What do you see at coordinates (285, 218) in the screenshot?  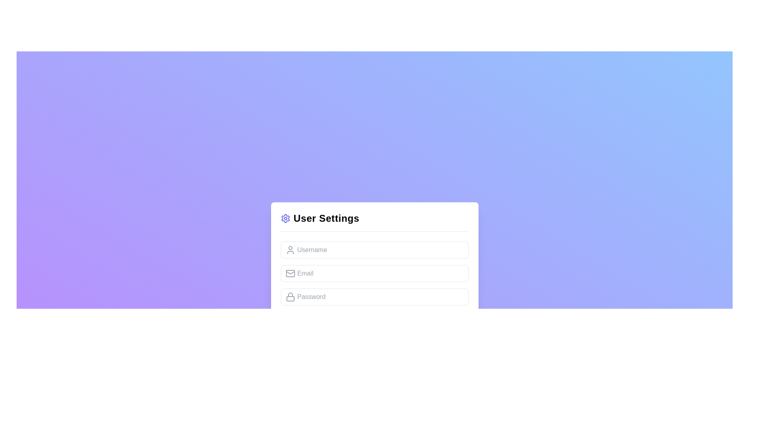 I see `the settings icon, which is a minimalistic gear or cog located at the leftmost part of the 'User Settings' title` at bounding box center [285, 218].